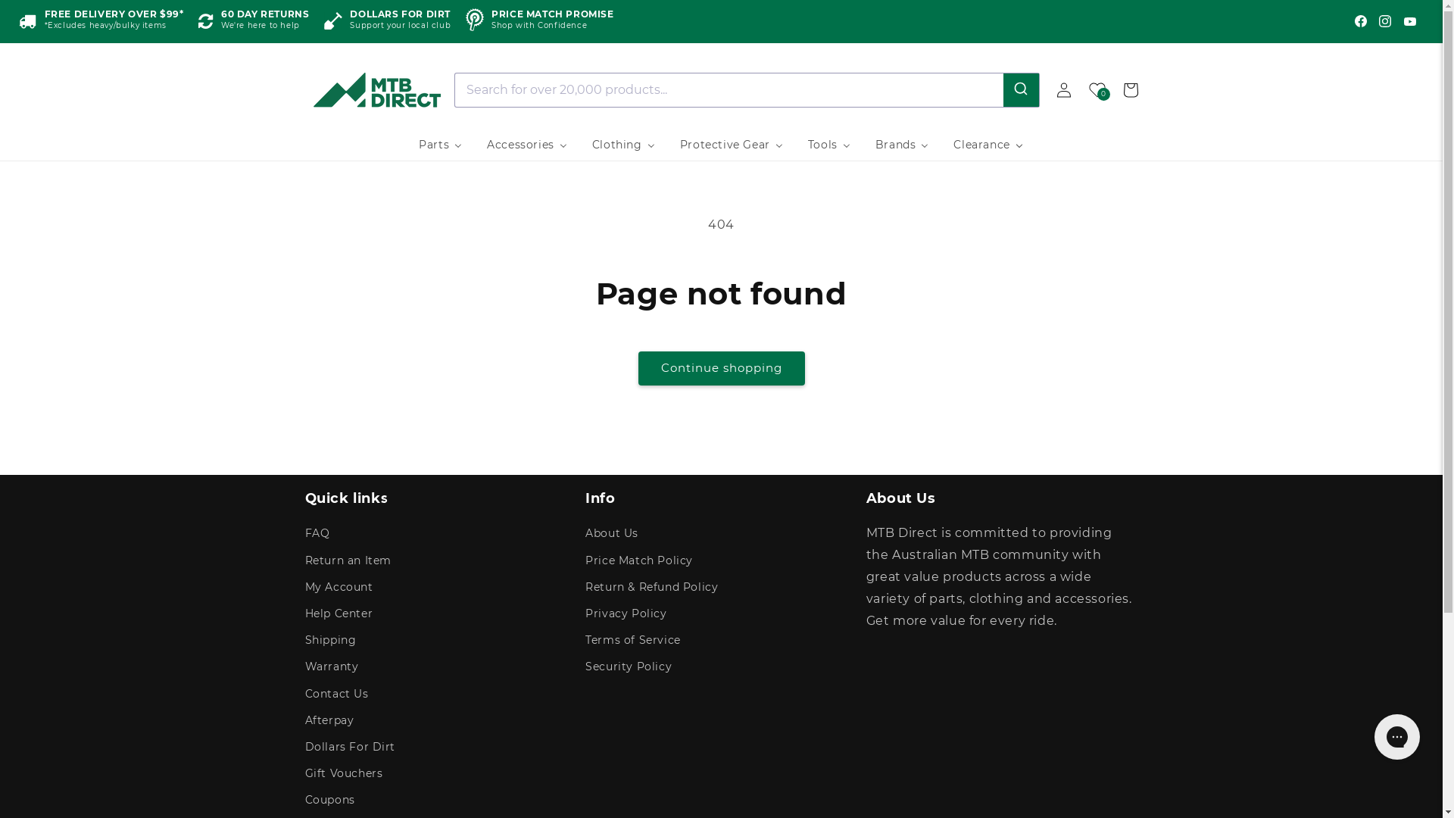  Describe the element at coordinates (330, 666) in the screenshot. I see `'Warranty'` at that location.